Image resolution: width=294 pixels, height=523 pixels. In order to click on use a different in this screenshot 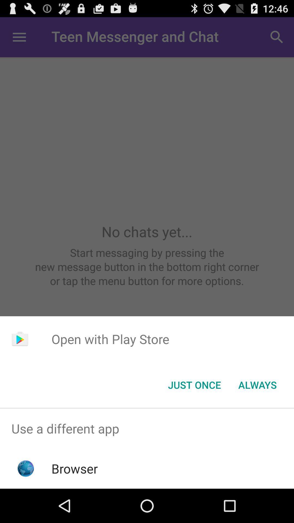, I will do `click(147, 428)`.